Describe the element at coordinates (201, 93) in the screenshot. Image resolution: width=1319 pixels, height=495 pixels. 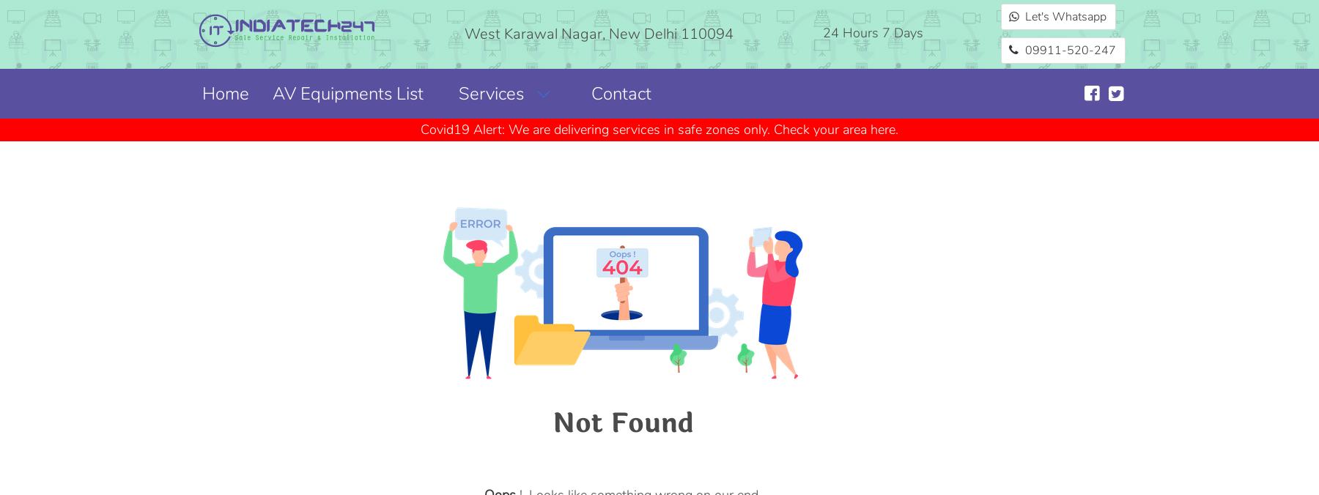
I see `'Home'` at that location.